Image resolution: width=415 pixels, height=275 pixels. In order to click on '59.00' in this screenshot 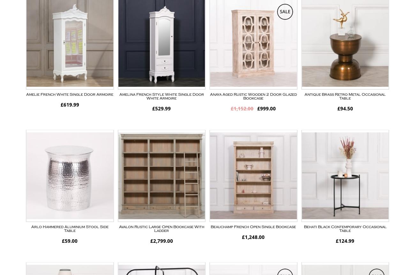, I will do `click(71, 240)`.